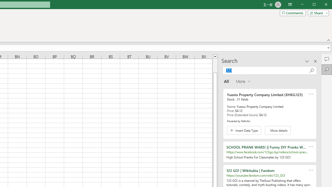  Describe the element at coordinates (321, 5) in the screenshot. I see `'Maximize'` at that location.